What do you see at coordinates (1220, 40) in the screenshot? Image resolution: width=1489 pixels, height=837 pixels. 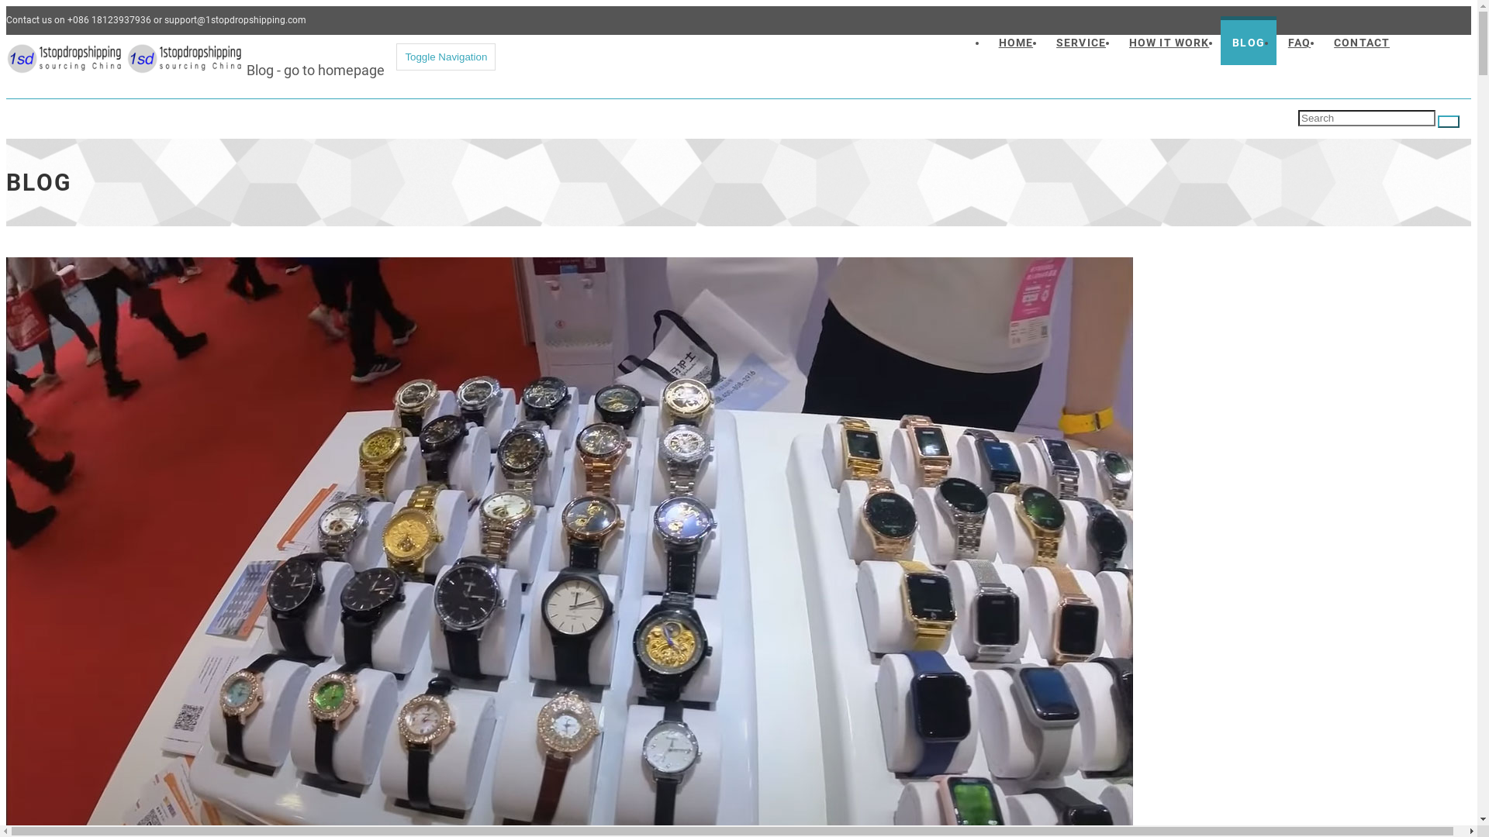 I see `'BLOG'` at bounding box center [1220, 40].